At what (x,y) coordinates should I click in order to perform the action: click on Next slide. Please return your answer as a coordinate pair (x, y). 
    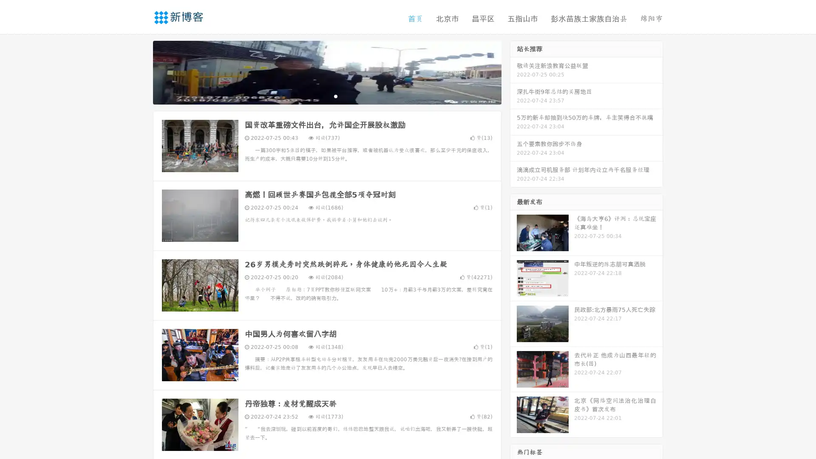
    Looking at the image, I should click on (513, 71).